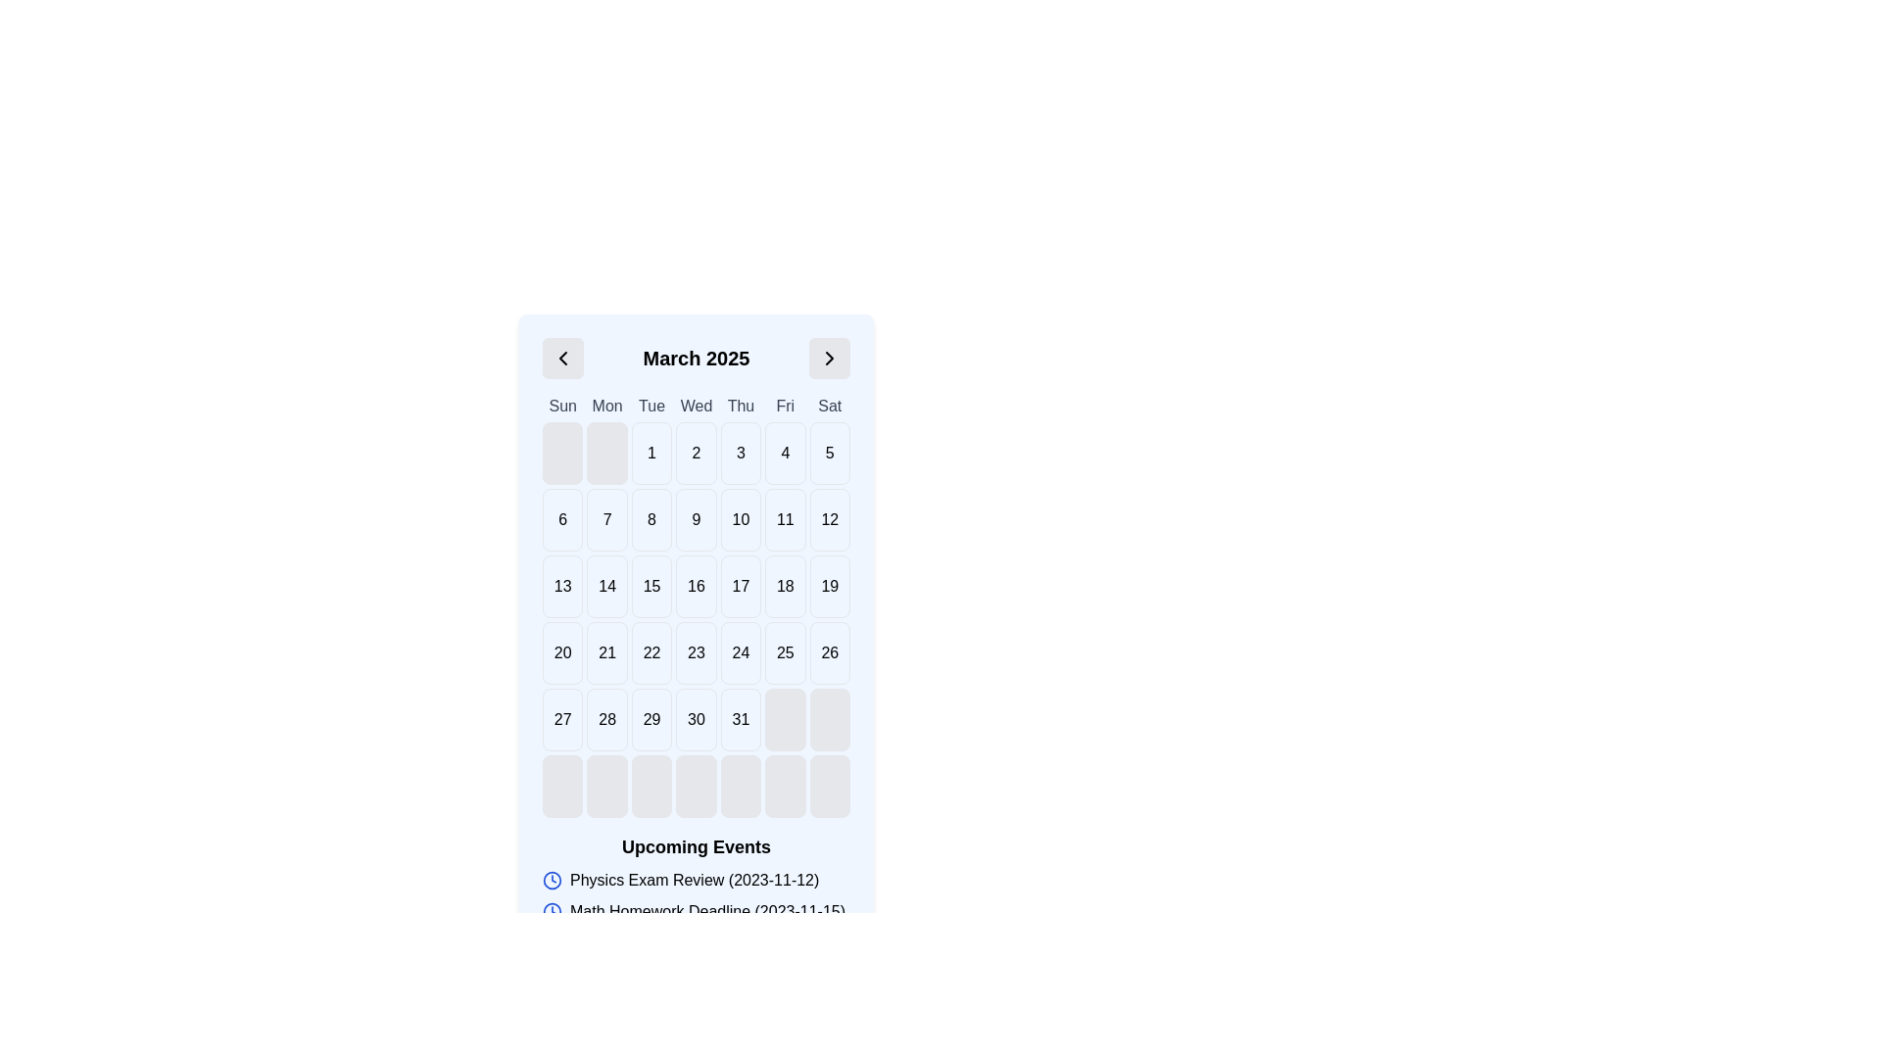 Image resolution: width=1881 pixels, height=1058 pixels. What do you see at coordinates (740, 406) in the screenshot?
I see `the Text Label indicating Thursday in the calendar view, which is the fifth item in the row of day names` at bounding box center [740, 406].